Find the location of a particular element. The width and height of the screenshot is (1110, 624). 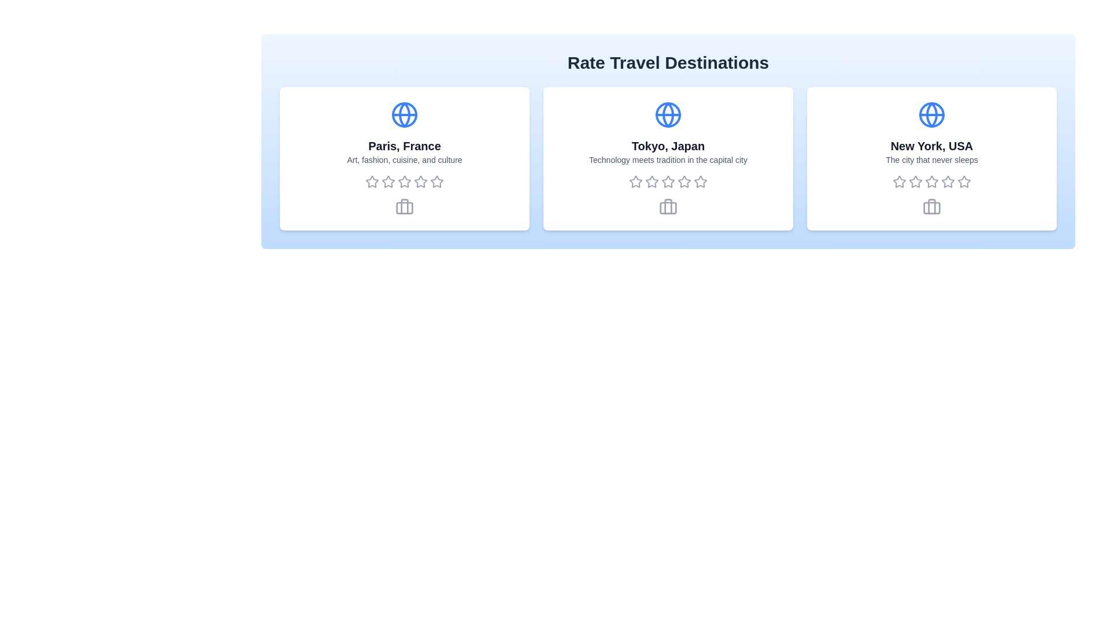

the star corresponding to 2 stars to preview the rating is located at coordinates (388, 182).